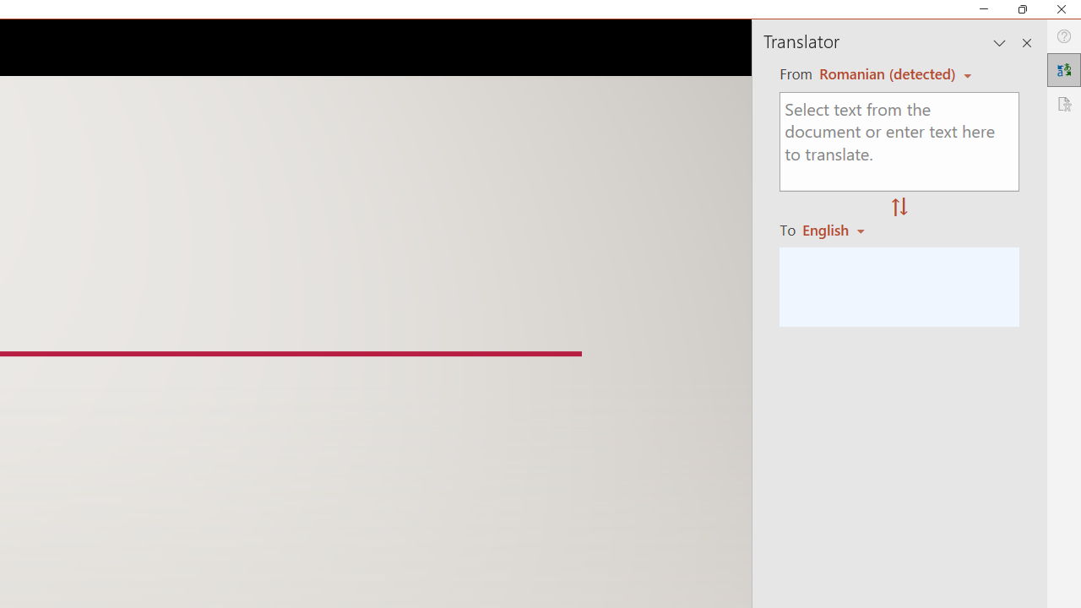 This screenshot has width=1081, height=608. I want to click on 'Close pane', so click(1026, 42).